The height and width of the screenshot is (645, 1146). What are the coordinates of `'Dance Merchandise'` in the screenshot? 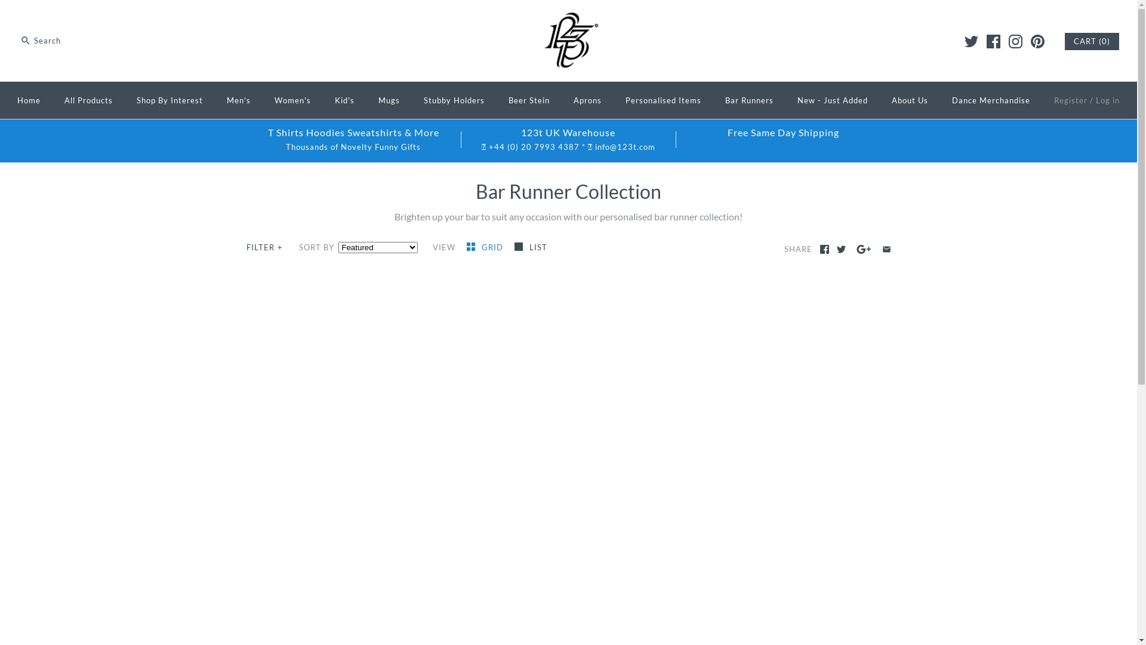 It's located at (991, 100).